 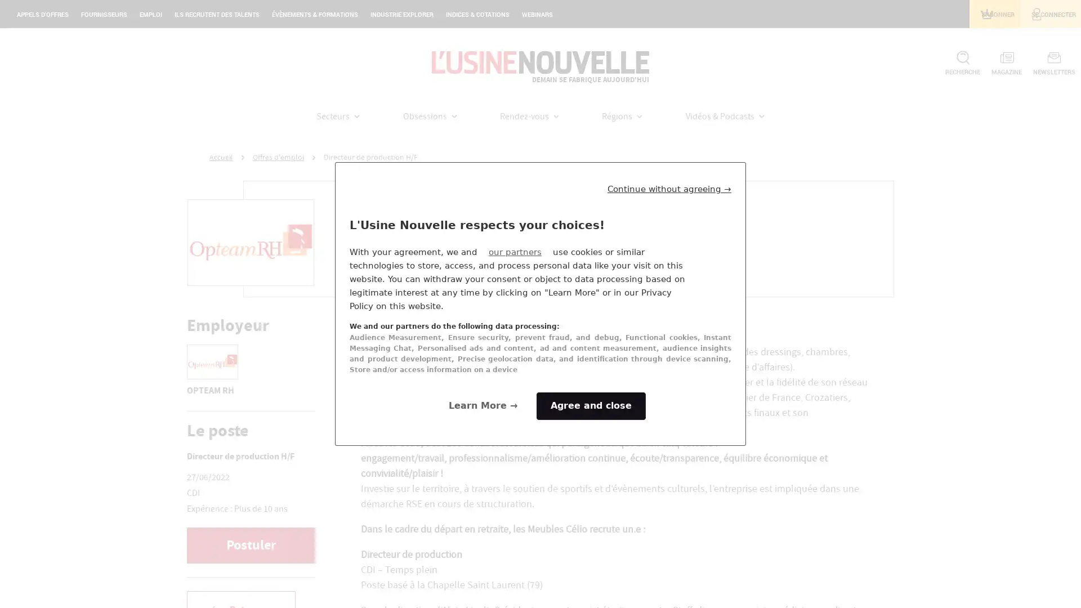 I want to click on Configure your consents, so click(x=483, y=406).